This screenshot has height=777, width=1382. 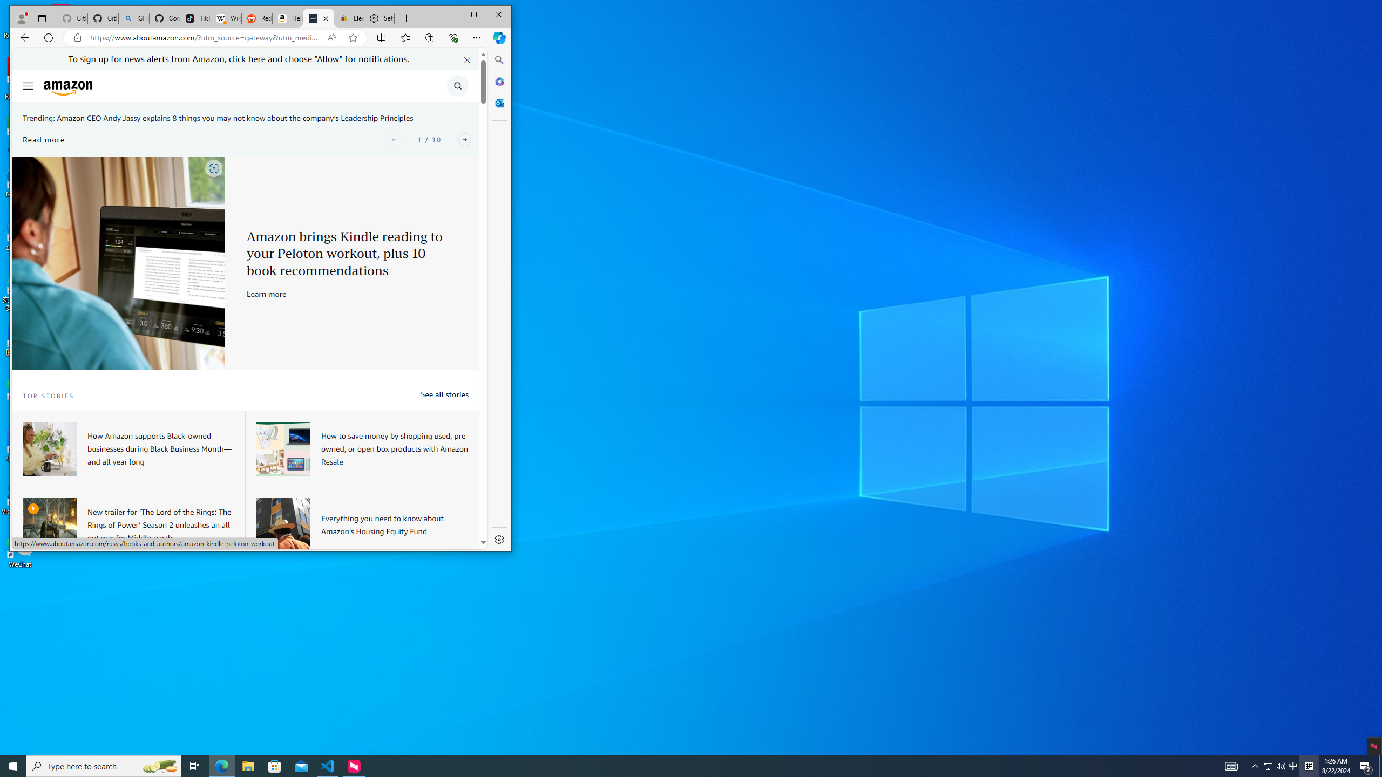 What do you see at coordinates (159, 765) in the screenshot?
I see `'Search highlights icon opens search home window'` at bounding box center [159, 765].